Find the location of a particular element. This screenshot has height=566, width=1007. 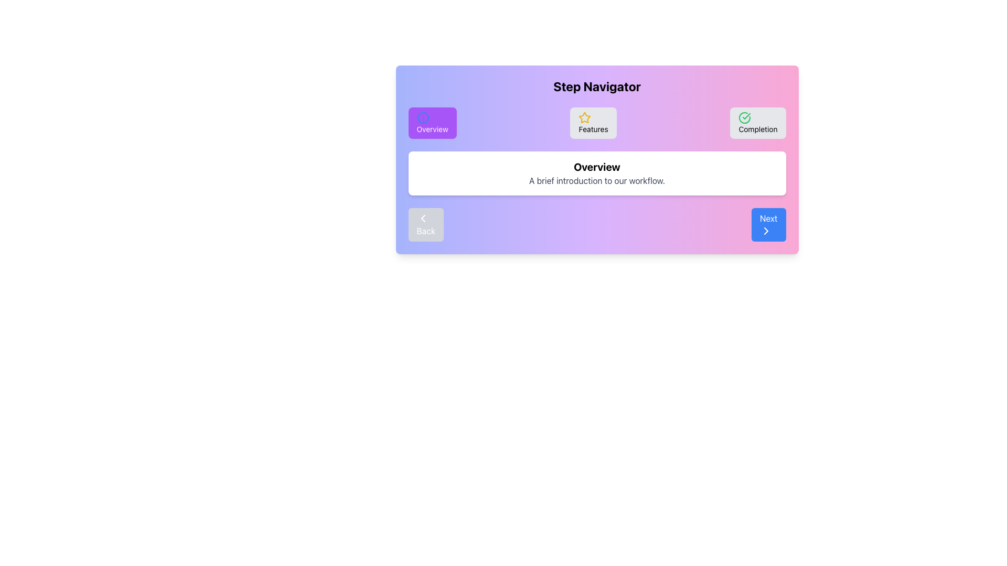

the Text block with heading 'Overview' that contains the description 'A brief introduction to our workflow.' This element is centrally positioned below 'Step Navigator' and above the navigation buttons is located at coordinates (597, 173).